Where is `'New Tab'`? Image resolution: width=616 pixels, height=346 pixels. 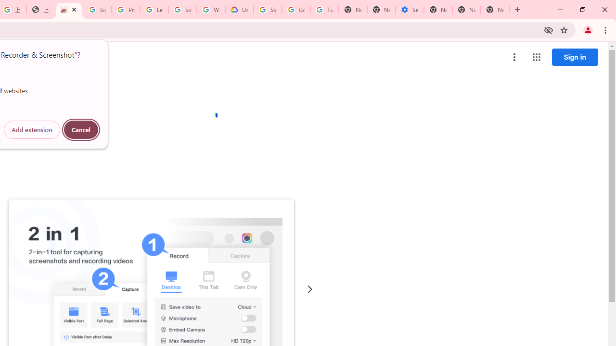 'New Tab' is located at coordinates (495, 10).